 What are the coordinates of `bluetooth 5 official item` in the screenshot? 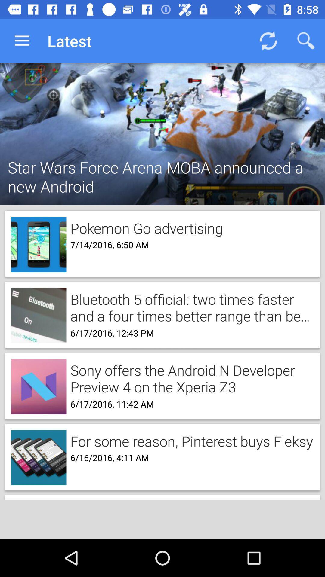 It's located at (190, 307).